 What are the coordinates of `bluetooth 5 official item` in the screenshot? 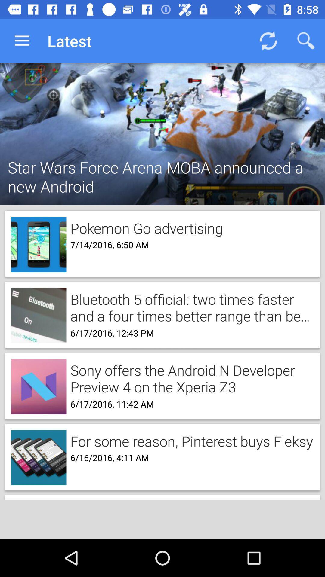 It's located at (190, 307).